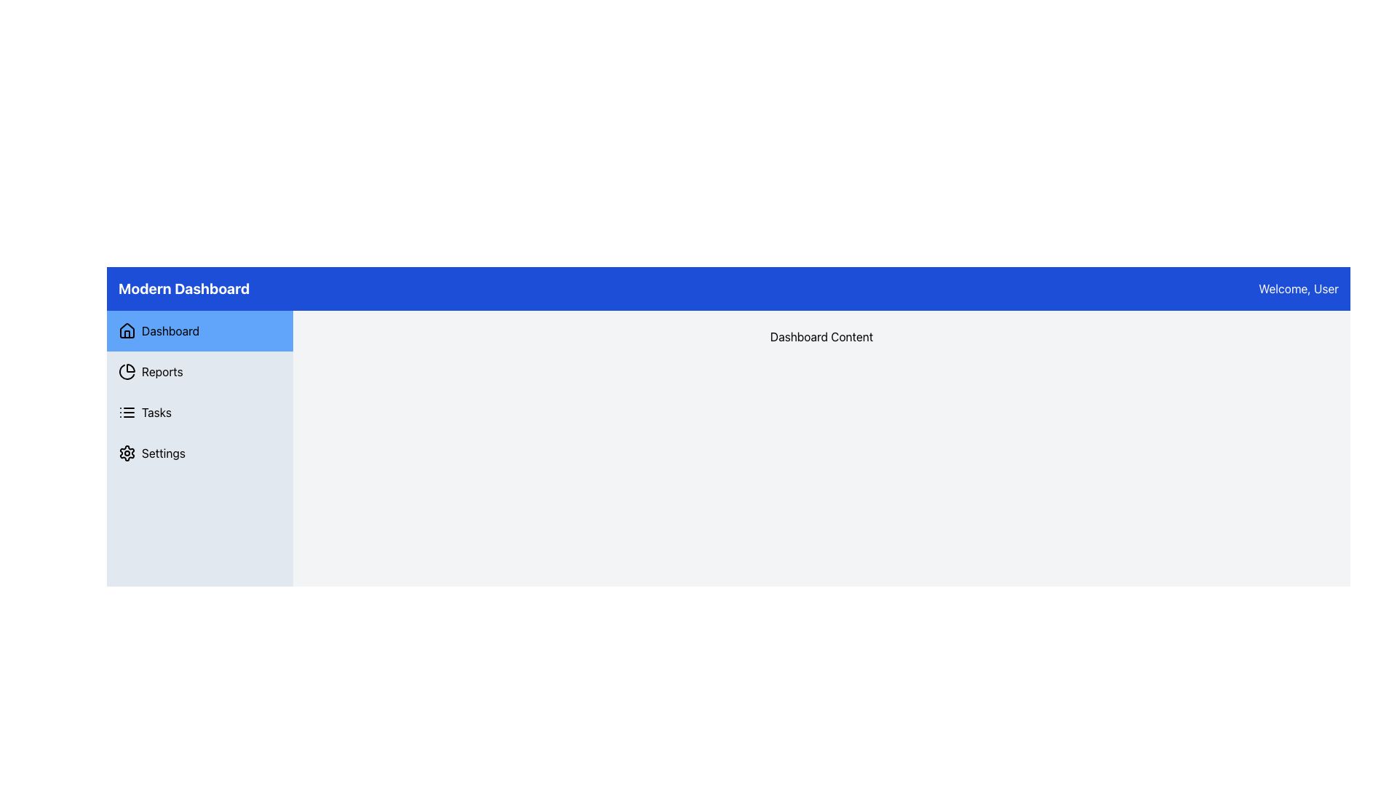  Describe the element at coordinates (1299, 289) in the screenshot. I see `the text 'Welcome, User' displayed in white font on a blue background located in the top-right corner of the application's header bar` at that location.